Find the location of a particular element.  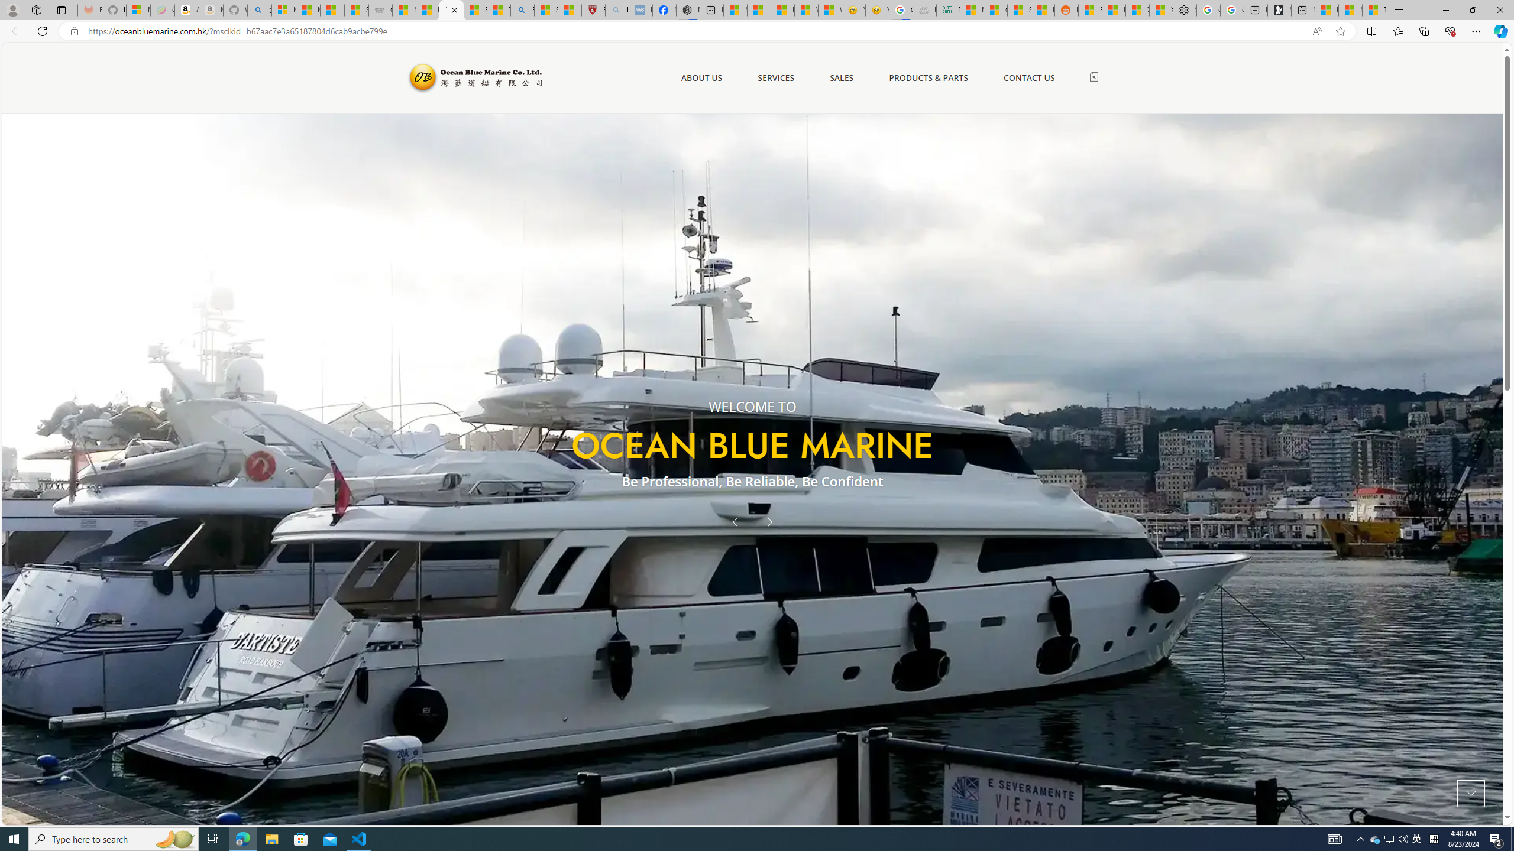

'Ocean Blue Marine' is located at coordinates (473, 77).